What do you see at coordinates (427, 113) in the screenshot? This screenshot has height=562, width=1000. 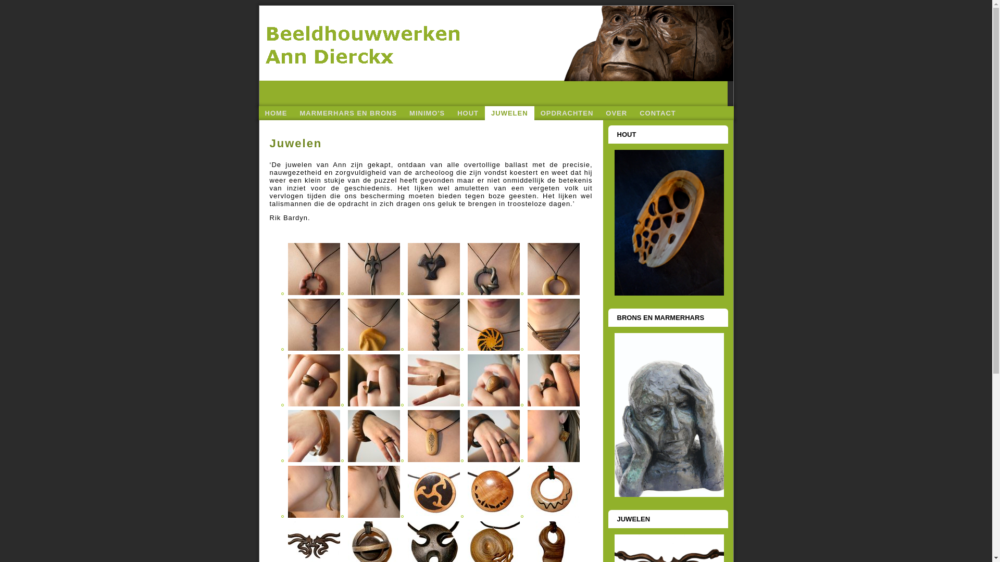 I see `'MINIMO'S'` at bounding box center [427, 113].